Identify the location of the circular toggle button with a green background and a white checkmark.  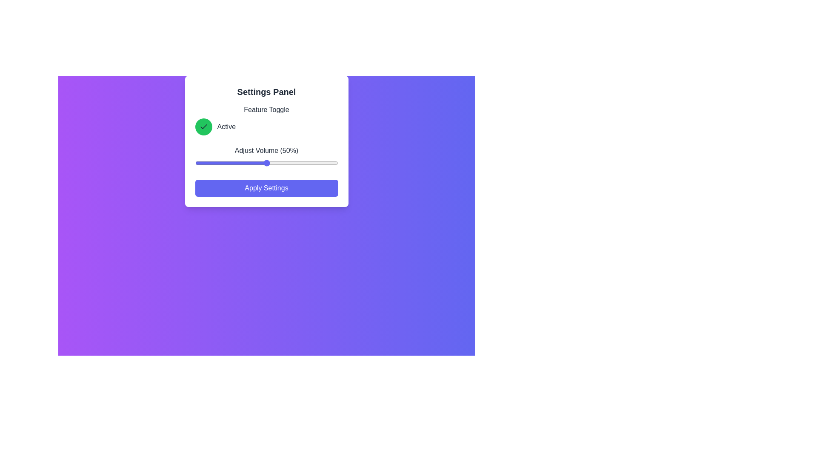
(203, 126).